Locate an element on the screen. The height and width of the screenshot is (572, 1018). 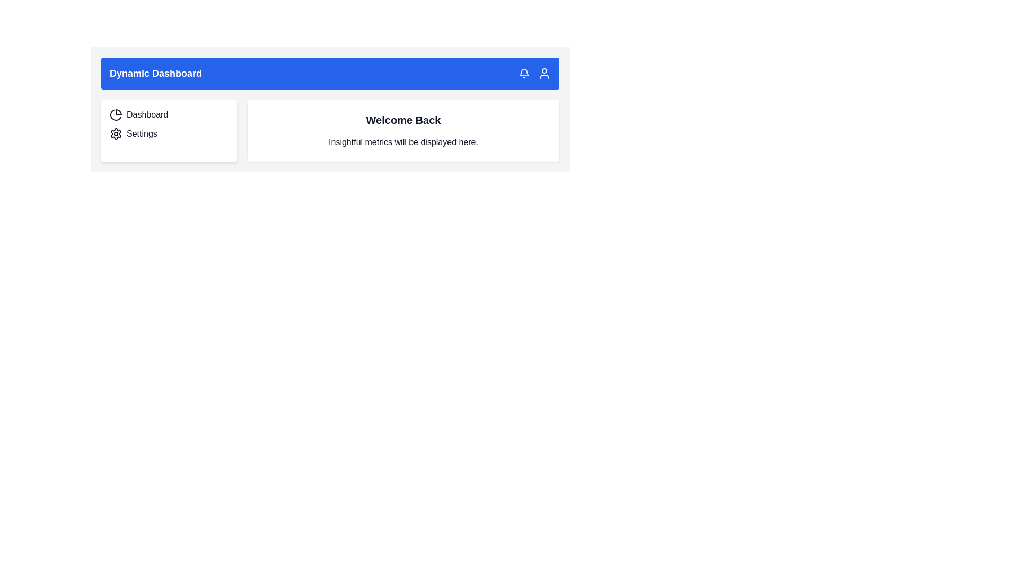
the navigation button located at the top of the vertical navigation bar on the leftmost column is located at coordinates (168, 114).